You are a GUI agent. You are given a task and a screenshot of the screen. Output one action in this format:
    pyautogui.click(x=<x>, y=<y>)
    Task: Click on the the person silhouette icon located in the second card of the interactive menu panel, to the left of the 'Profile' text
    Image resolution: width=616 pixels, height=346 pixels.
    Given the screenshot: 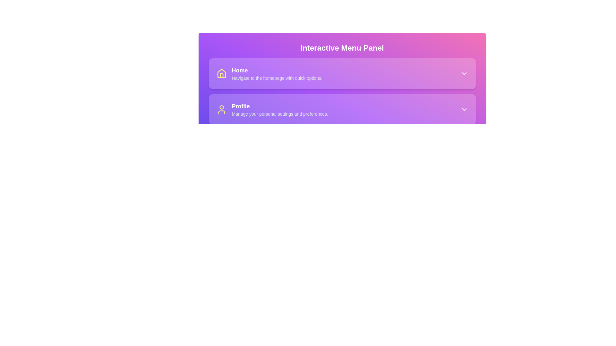 What is the action you would take?
    pyautogui.click(x=221, y=109)
    